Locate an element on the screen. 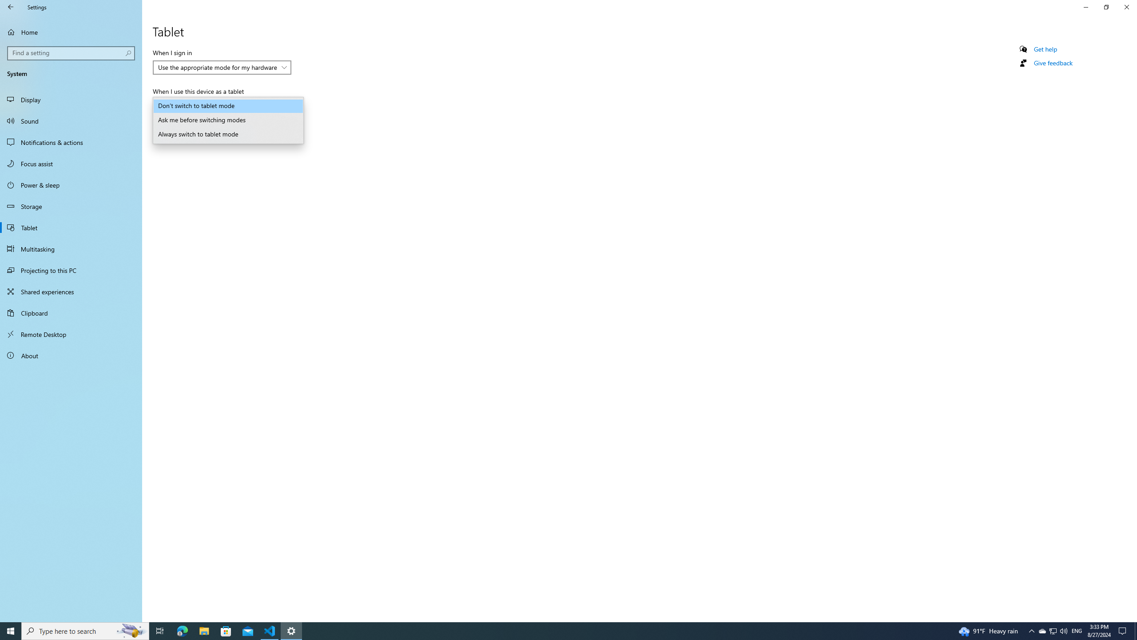  'Minimize Settings' is located at coordinates (1085, 7).